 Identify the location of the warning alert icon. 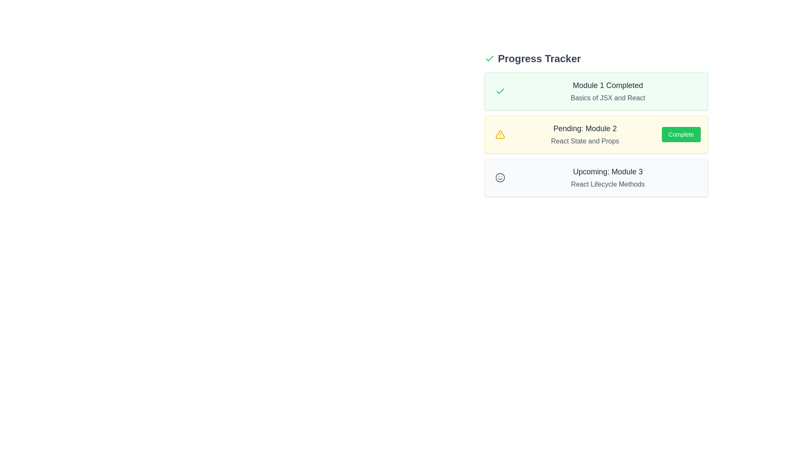
(500, 134).